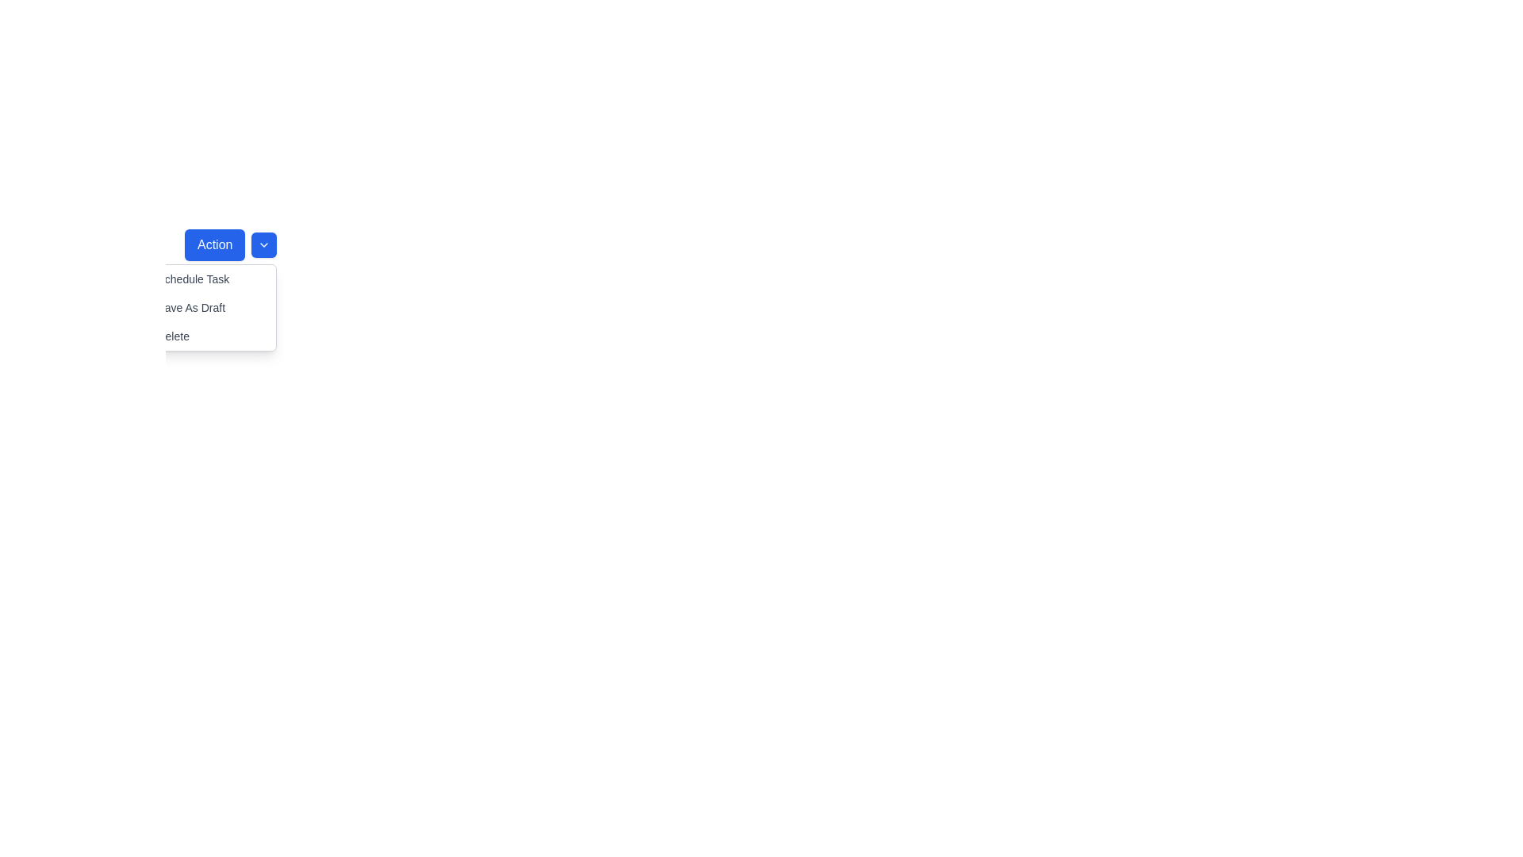 The height and width of the screenshot is (857, 1523). Describe the element at coordinates (200, 278) in the screenshot. I see `the 'Schedule Task' button, which is the first item` at that location.